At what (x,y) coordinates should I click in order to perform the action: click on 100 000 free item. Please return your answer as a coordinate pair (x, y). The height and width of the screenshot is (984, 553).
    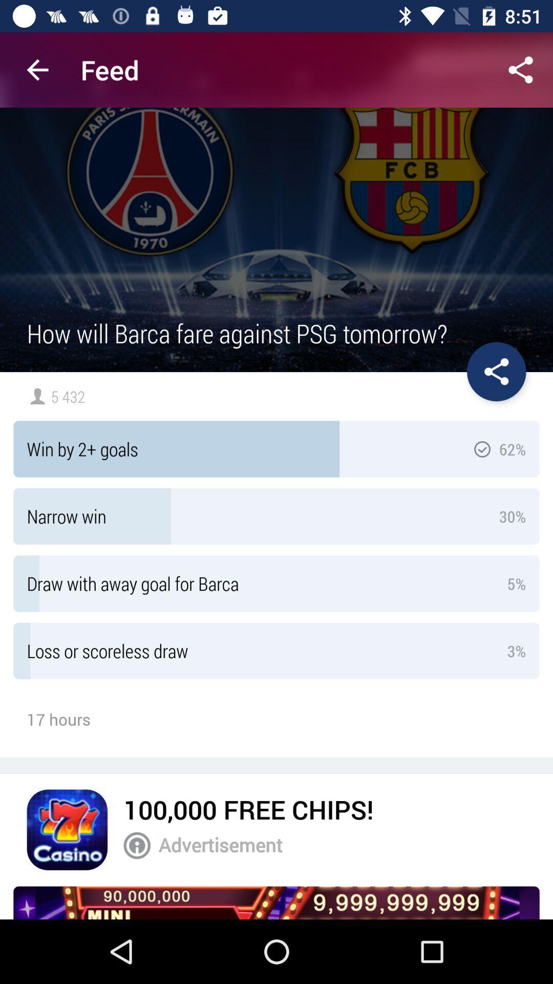
    Looking at the image, I should click on (248, 809).